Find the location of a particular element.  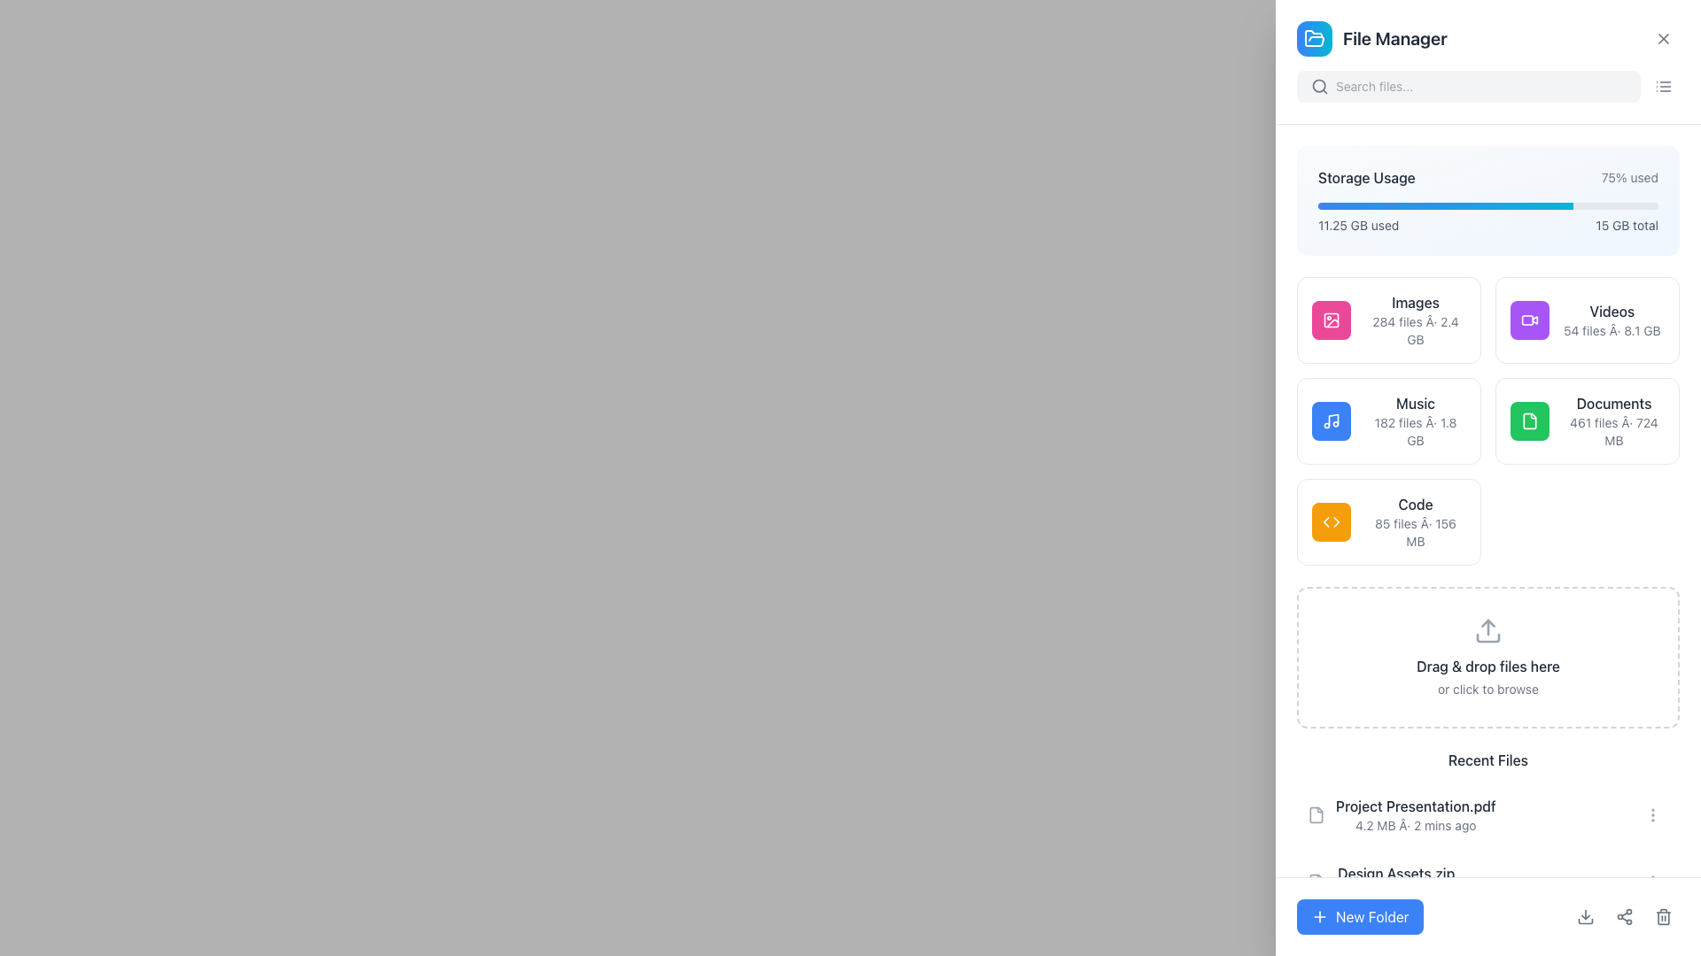

the fifth button in the grid layout, which features a yellow-orange code symbol icon and text 'Code', '85 files', and '156 MB' is located at coordinates (1388, 521).